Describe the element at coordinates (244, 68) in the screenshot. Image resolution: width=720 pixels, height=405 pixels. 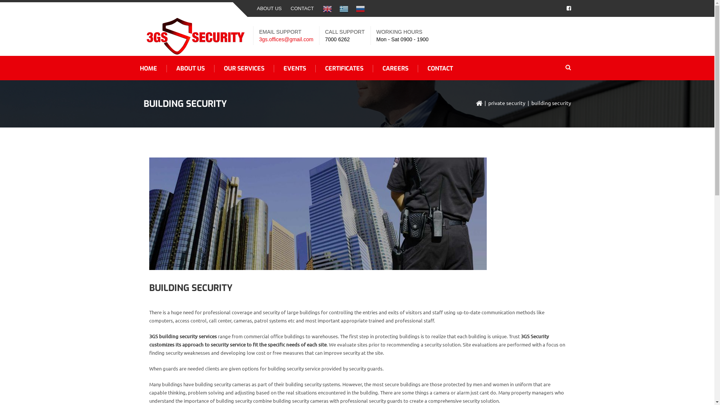
I see `'OUR SERVICES'` at that location.